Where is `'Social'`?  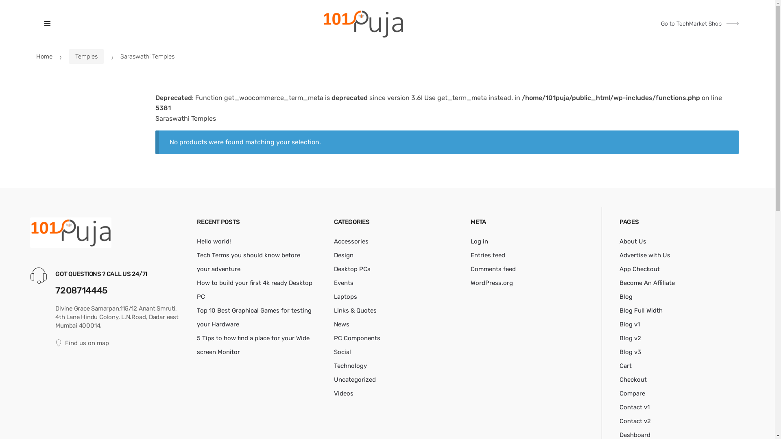 'Social' is located at coordinates (334, 352).